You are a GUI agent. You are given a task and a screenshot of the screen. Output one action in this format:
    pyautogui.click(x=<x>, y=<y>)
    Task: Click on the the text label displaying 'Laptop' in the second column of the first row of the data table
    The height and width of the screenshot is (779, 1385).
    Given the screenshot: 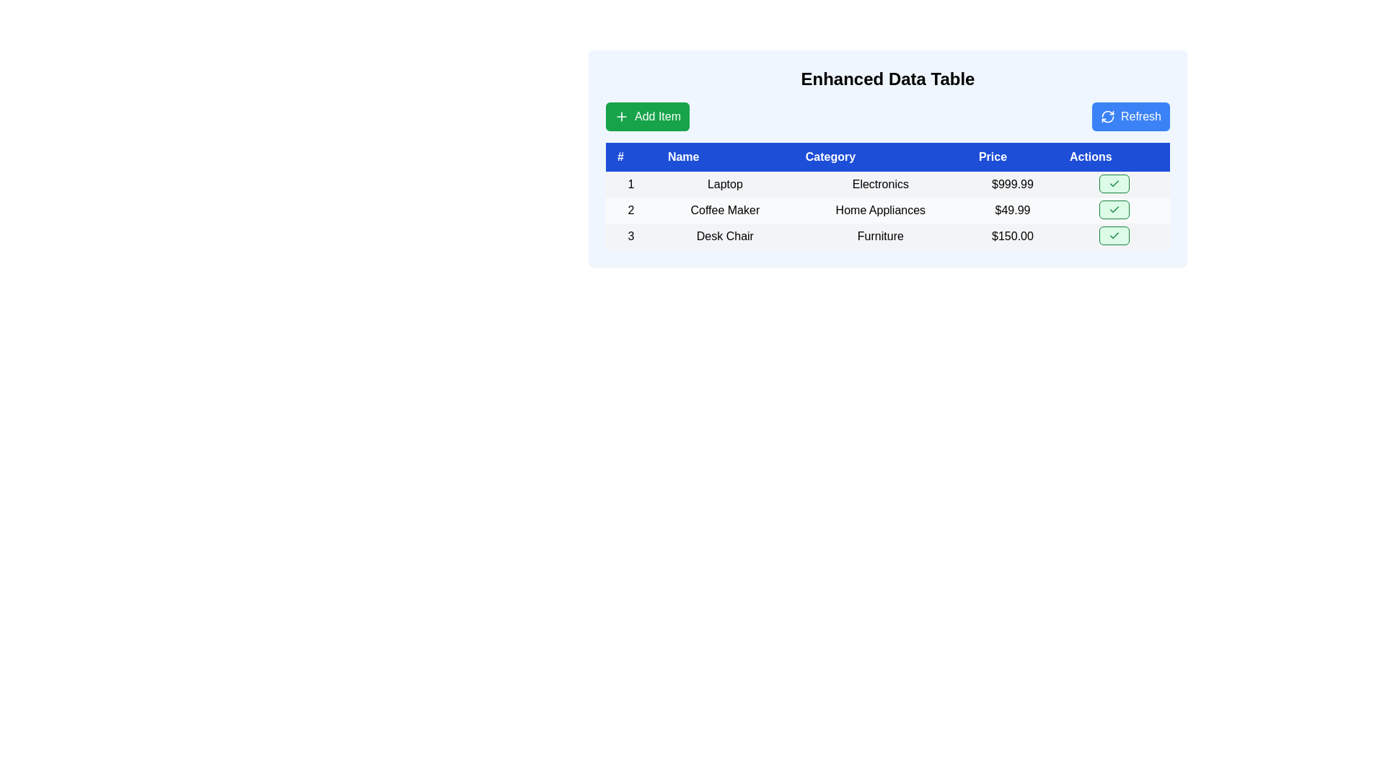 What is the action you would take?
    pyautogui.click(x=725, y=183)
    